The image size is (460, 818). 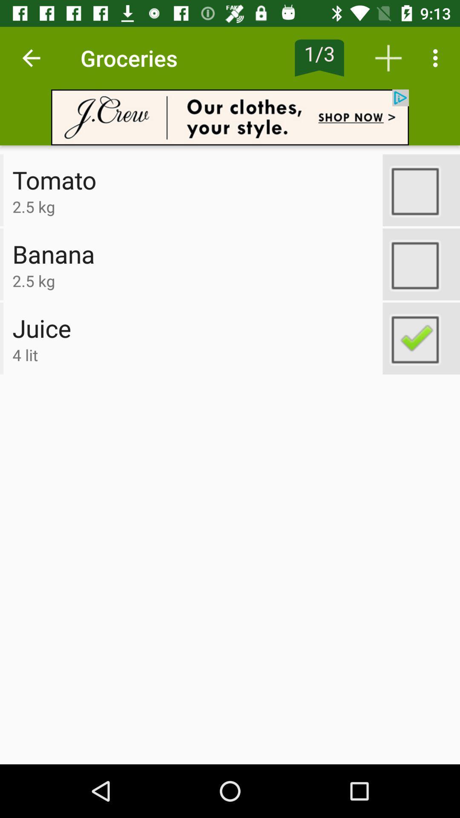 I want to click on switch option, so click(x=421, y=338).